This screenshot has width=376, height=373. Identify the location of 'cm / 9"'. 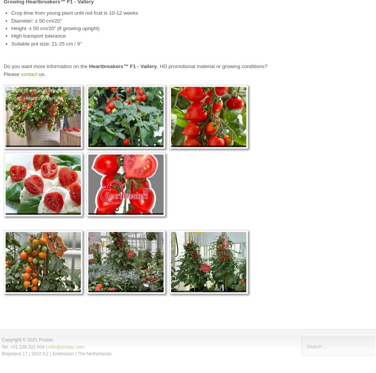
(73, 43).